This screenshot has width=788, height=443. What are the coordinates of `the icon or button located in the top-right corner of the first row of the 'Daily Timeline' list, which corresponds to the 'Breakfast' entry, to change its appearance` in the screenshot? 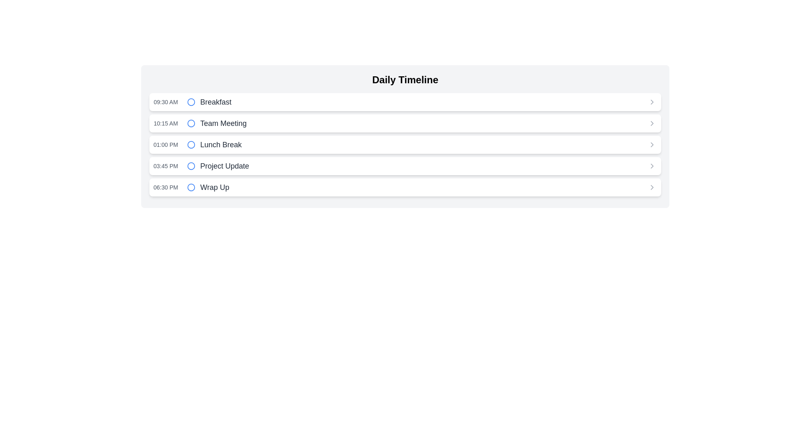 It's located at (651, 102).